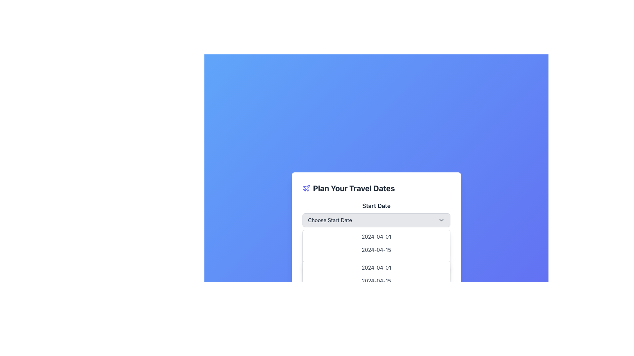  I want to click on the decorative icon located near the top-left corner of the visible content area, adjacent to the text header 'Plan Your Travel Dates', so click(306, 188).